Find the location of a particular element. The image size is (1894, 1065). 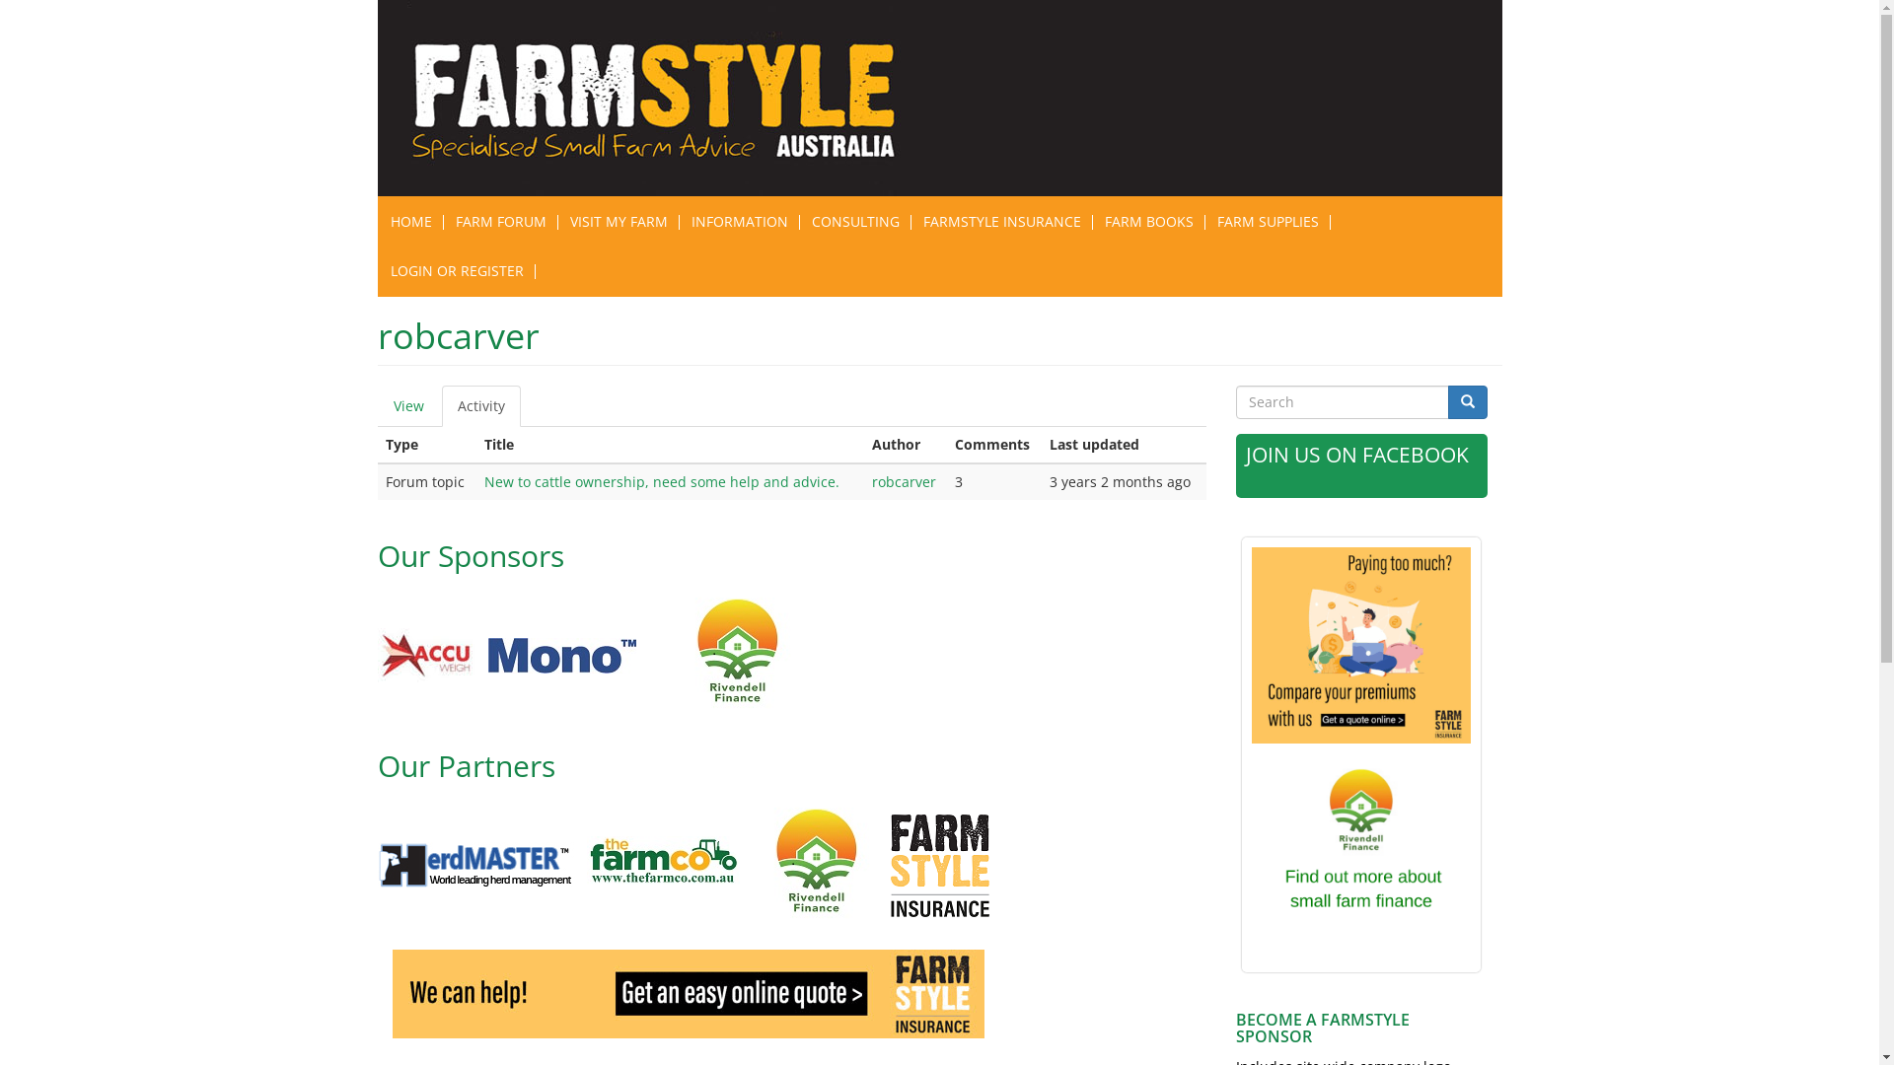

'CONSULTING' is located at coordinates (854, 221).